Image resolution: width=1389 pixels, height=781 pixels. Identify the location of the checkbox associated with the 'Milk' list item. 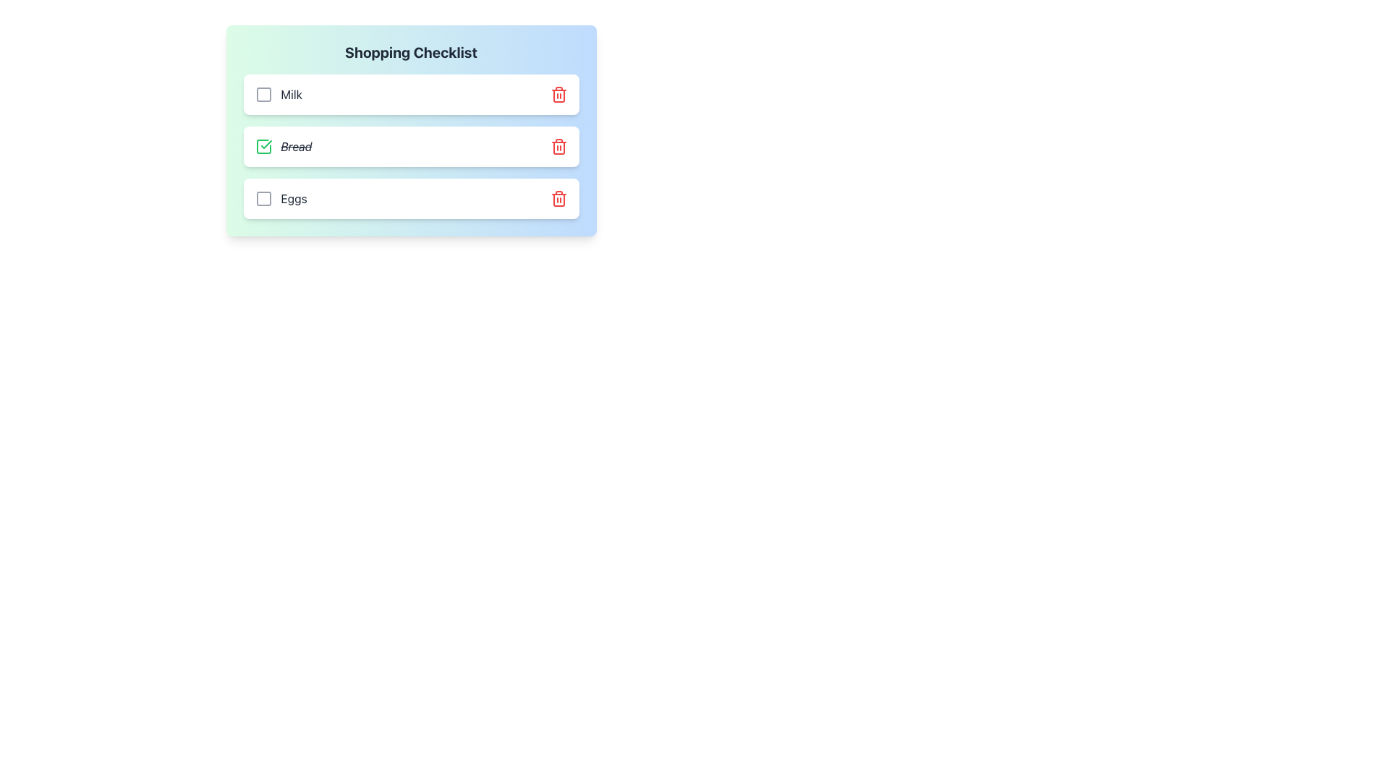
(263, 95).